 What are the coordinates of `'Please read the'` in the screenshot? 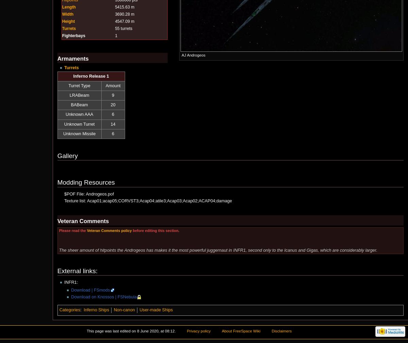 It's located at (72, 230).